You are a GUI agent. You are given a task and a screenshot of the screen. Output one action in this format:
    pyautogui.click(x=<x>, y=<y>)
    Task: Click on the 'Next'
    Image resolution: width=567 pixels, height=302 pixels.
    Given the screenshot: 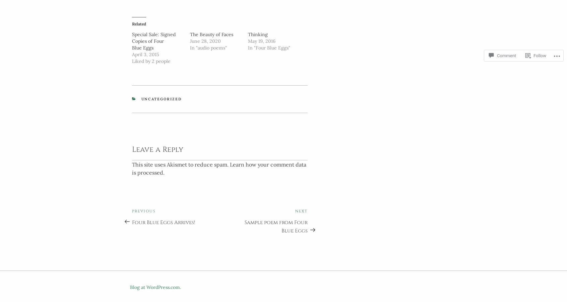 What is the action you would take?
    pyautogui.click(x=301, y=209)
    